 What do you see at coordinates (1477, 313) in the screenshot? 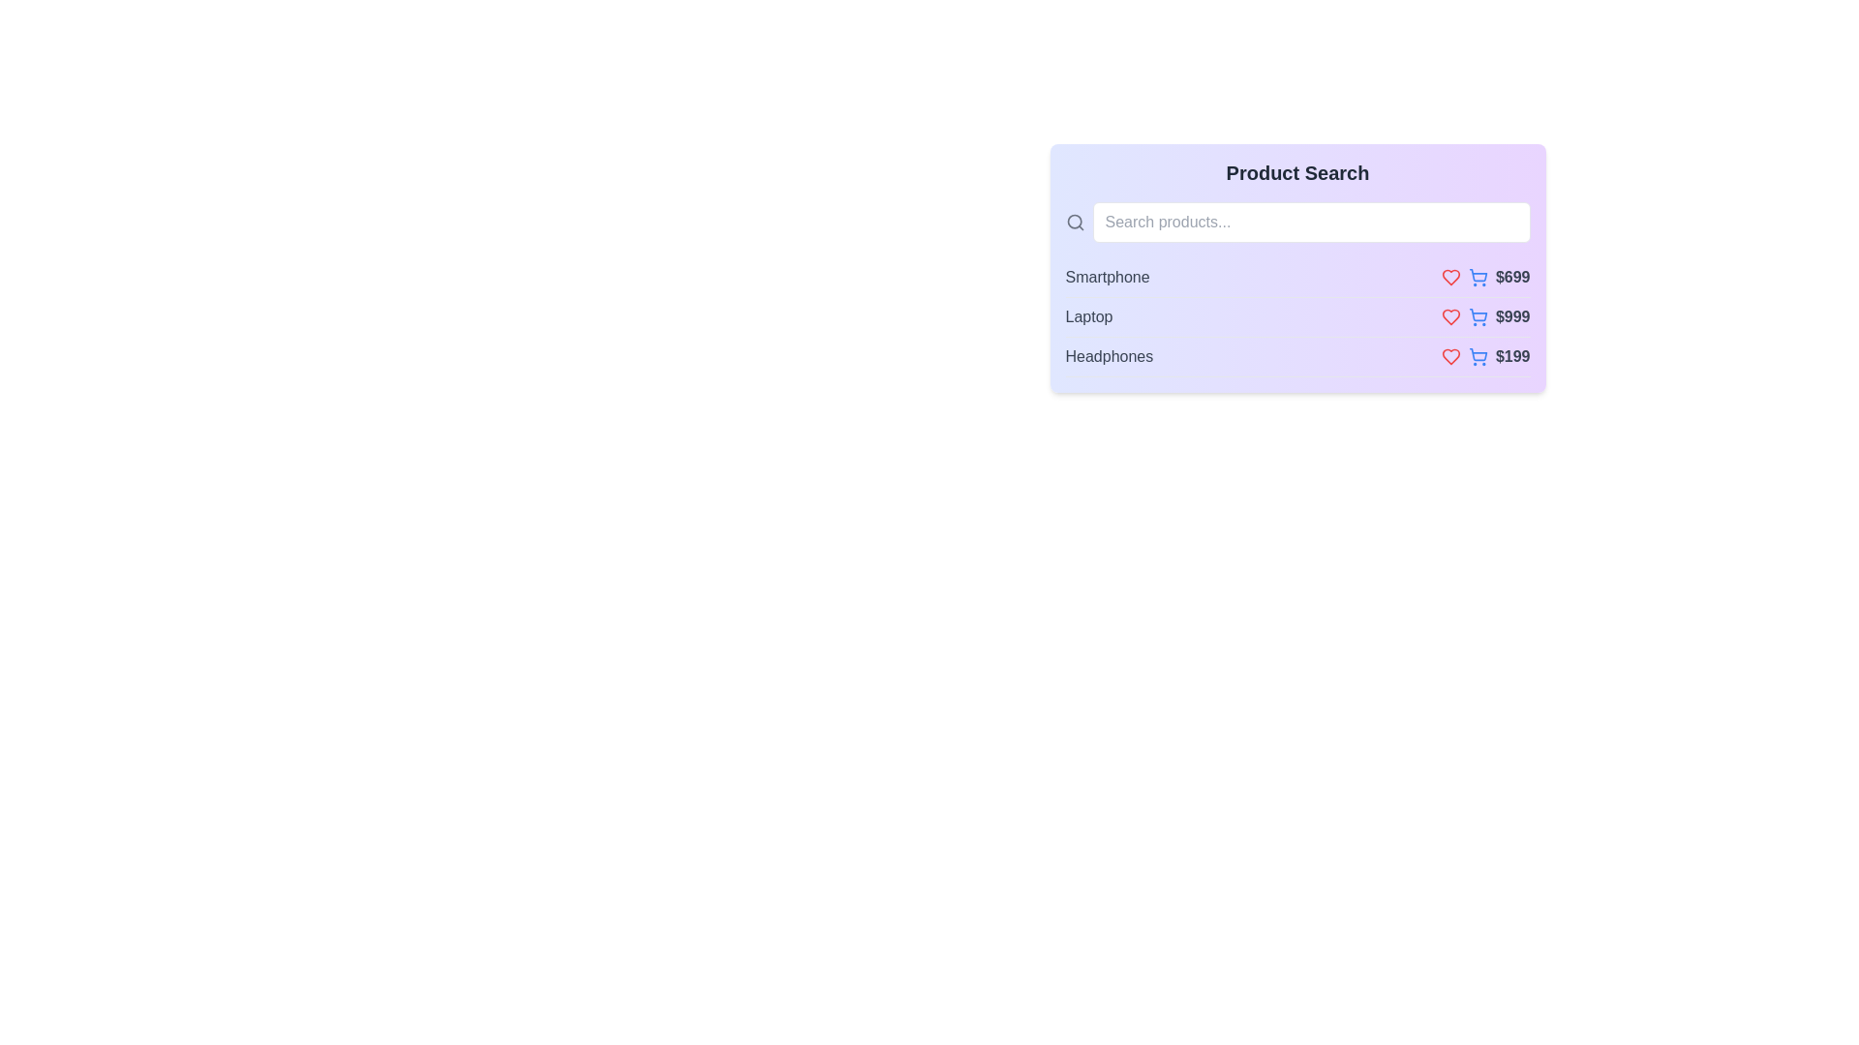
I see `the blue shopping cart icon, which is part of a larger icon set and positioned next to the price $999` at bounding box center [1477, 313].